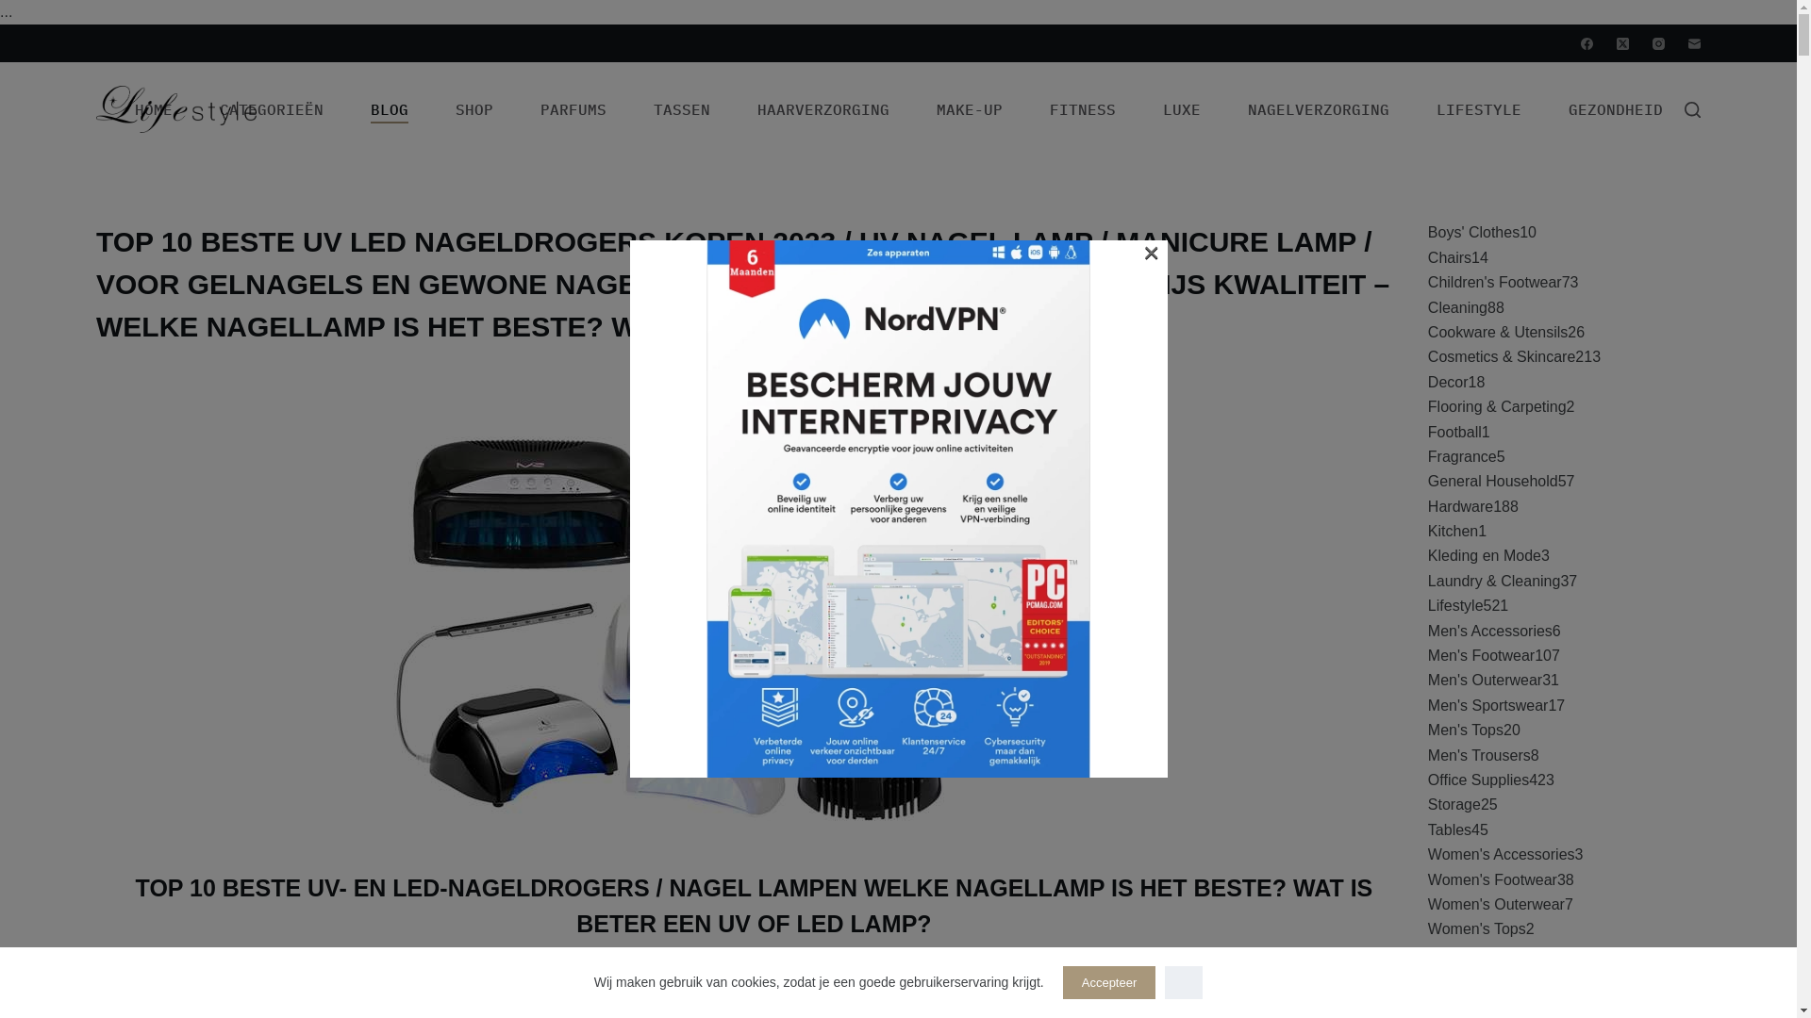  What do you see at coordinates (430, 108) in the screenshot?
I see `'SHOP'` at bounding box center [430, 108].